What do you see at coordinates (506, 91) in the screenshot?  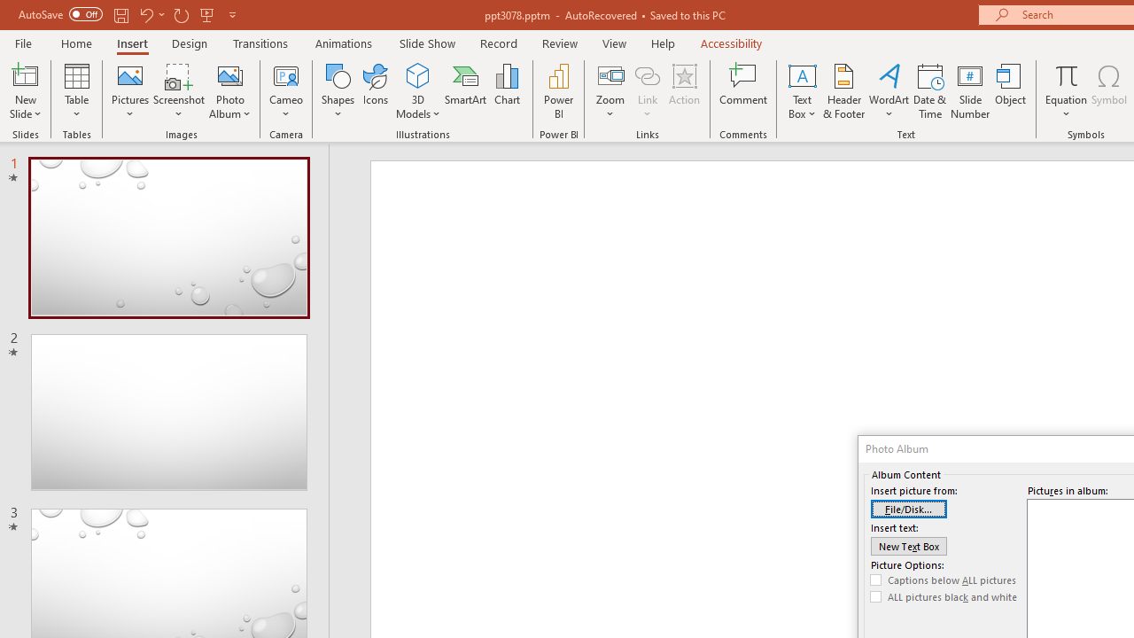 I see `'Chart...'` at bounding box center [506, 91].